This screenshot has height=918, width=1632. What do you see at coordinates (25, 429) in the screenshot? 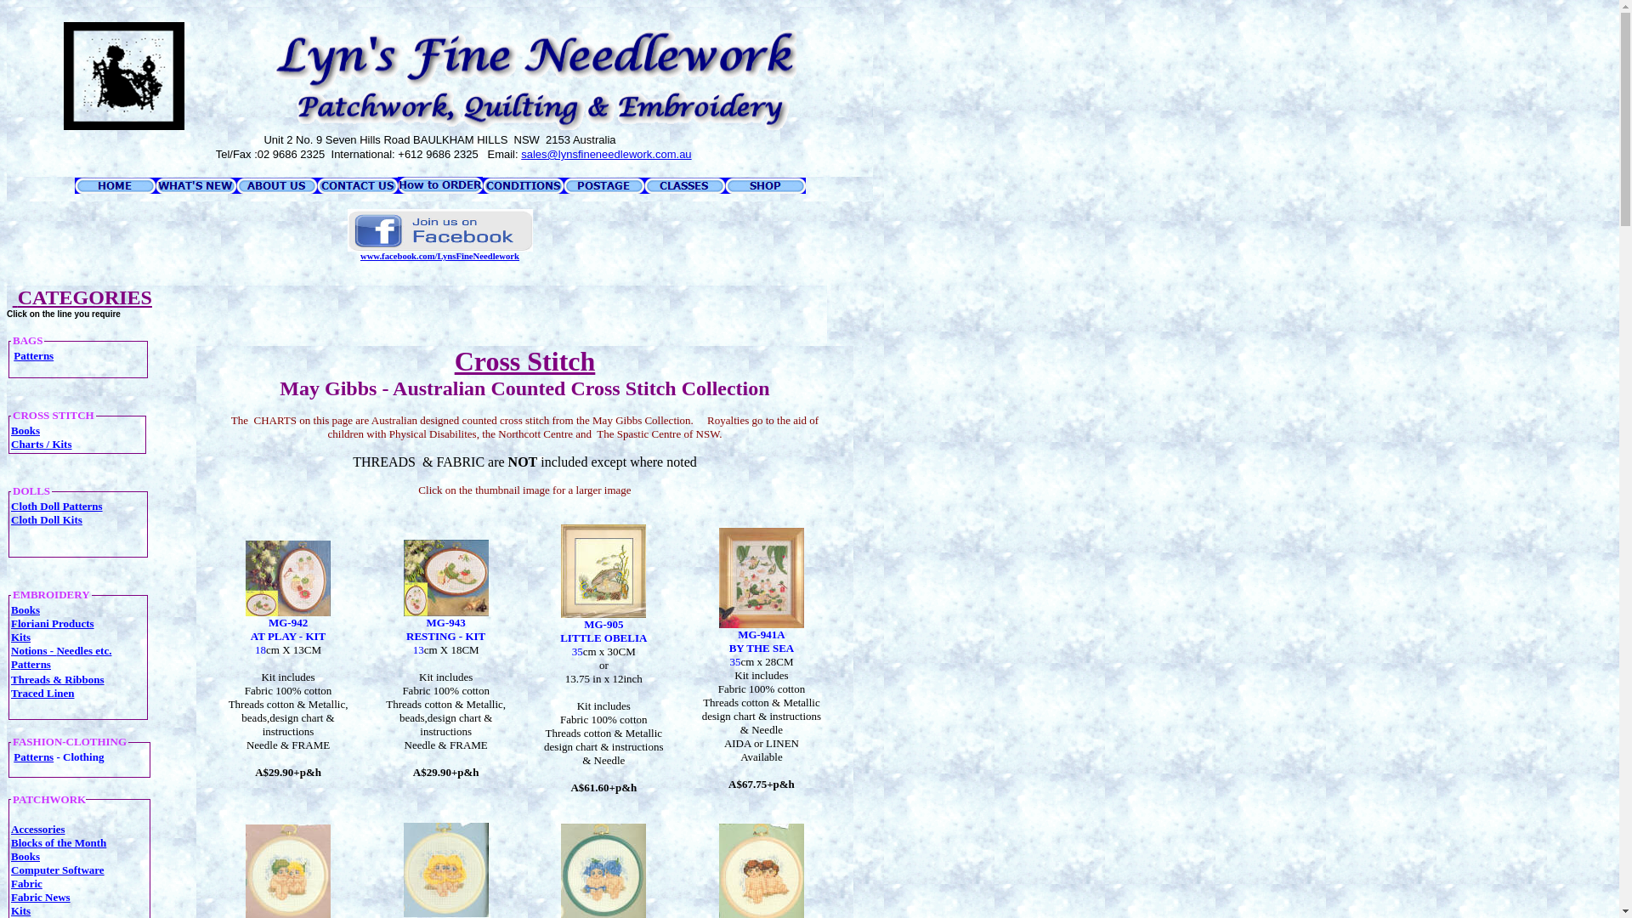
I see `'Books'` at bounding box center [25, 429].